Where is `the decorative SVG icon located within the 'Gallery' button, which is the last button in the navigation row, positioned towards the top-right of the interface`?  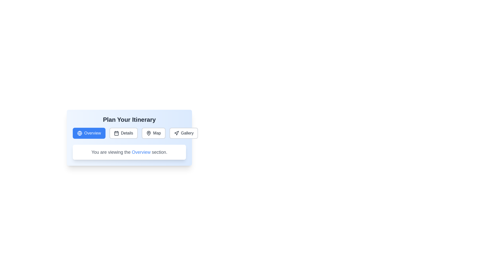
the decorative SVG icon located within the 'Gallery' button, which is the last button in the navigation row, positioned towards the top-right of the interface is located at coordinates (176, 133).